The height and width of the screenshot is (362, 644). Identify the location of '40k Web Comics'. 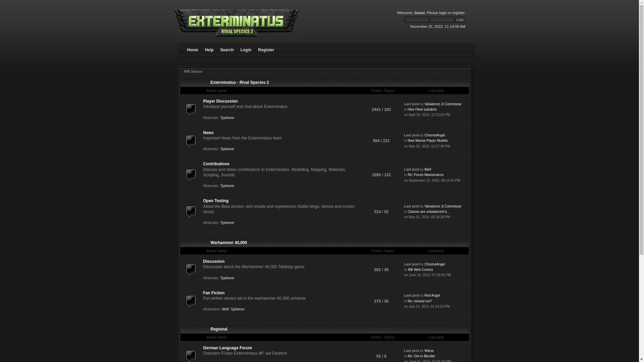
(420, 269).